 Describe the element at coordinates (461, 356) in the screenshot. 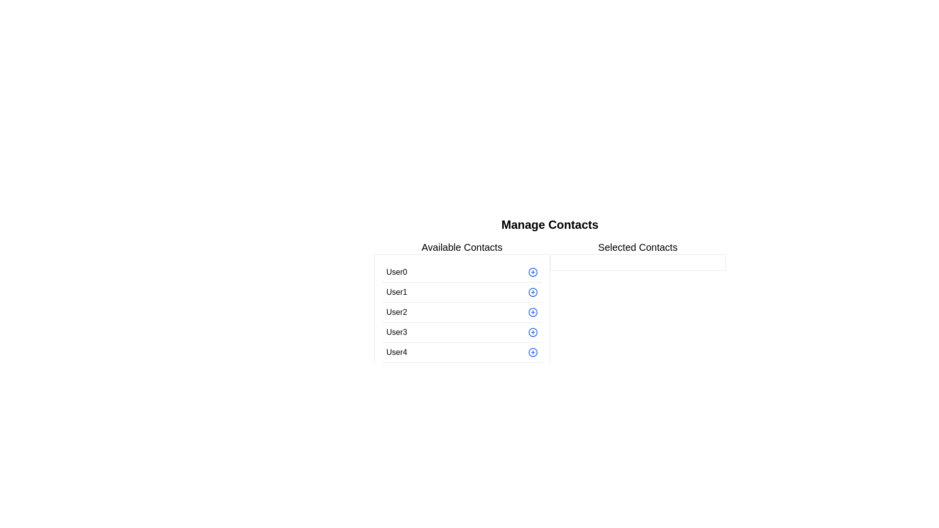

I see `the fifth entry in the 'Available Contacts' list` at that location.